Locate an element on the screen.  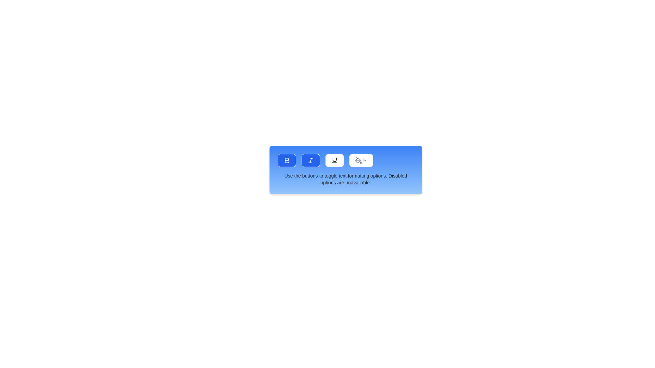
the blue button with a white 'B' icon located at the top-left position in the button bar is located at coordinates (287, 160).